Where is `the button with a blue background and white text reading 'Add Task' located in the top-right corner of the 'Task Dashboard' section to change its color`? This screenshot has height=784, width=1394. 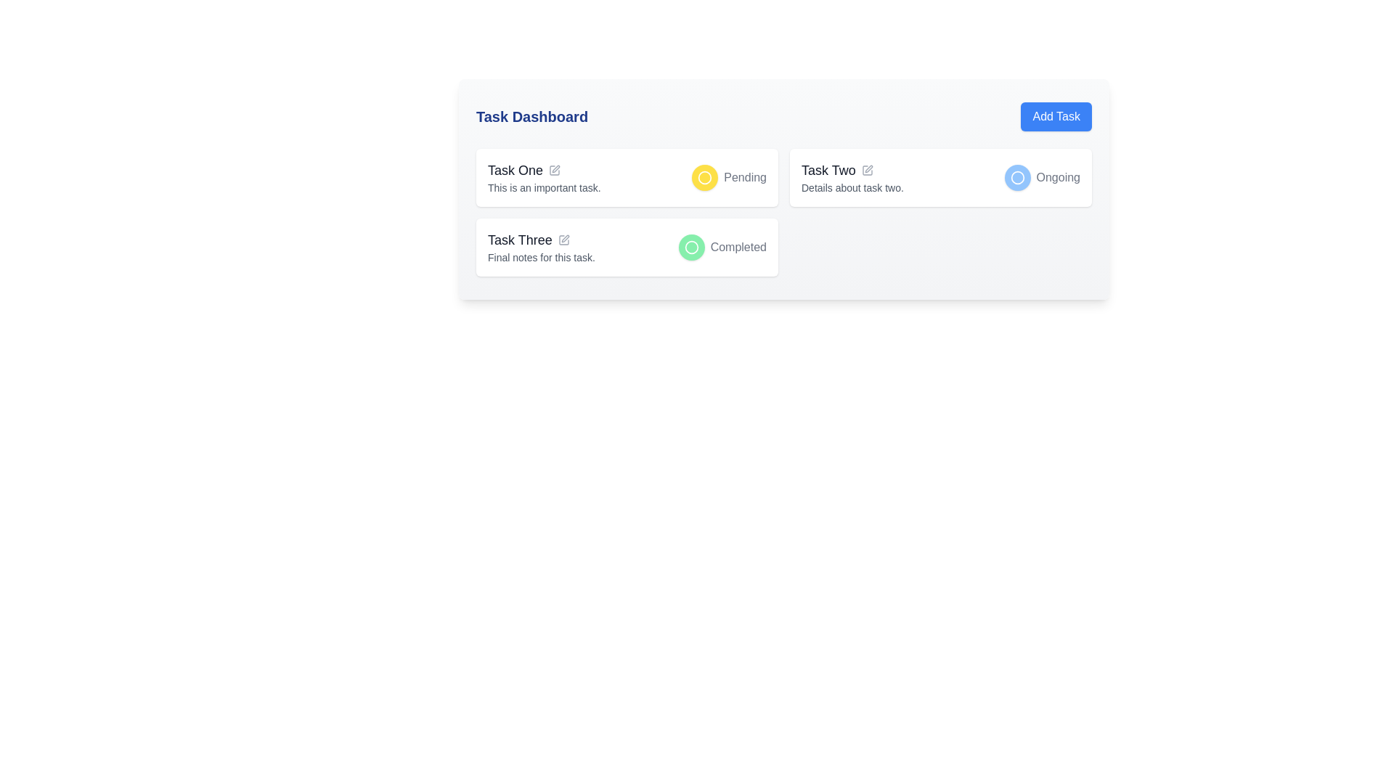
the button with a blue background and white text reading 'Add Task' located in the top-right corner of the 'Task Dashboard' section to change its color is located at coordinates (1056, 116).